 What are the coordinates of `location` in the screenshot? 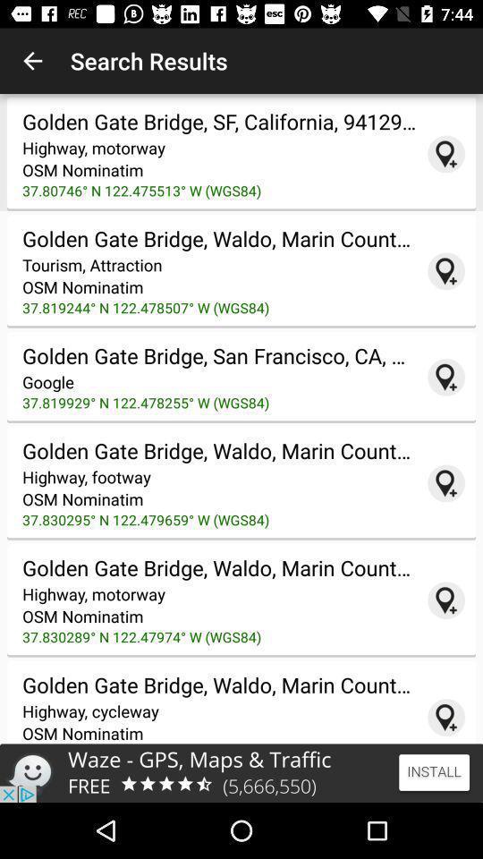 It's located at (445, 718).